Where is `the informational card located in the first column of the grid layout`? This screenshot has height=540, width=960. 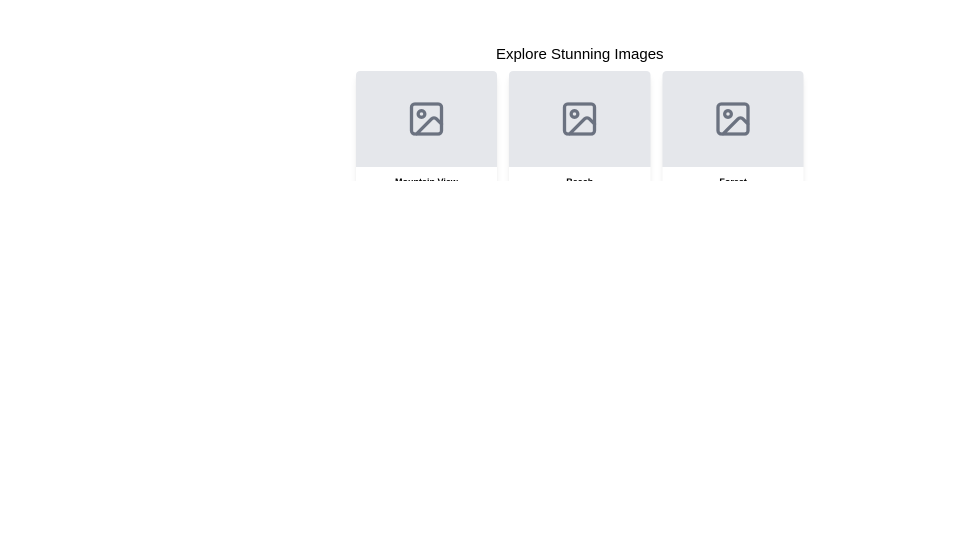
the informational card located in the first column of the grid layout is located at coordinates (426, 196).